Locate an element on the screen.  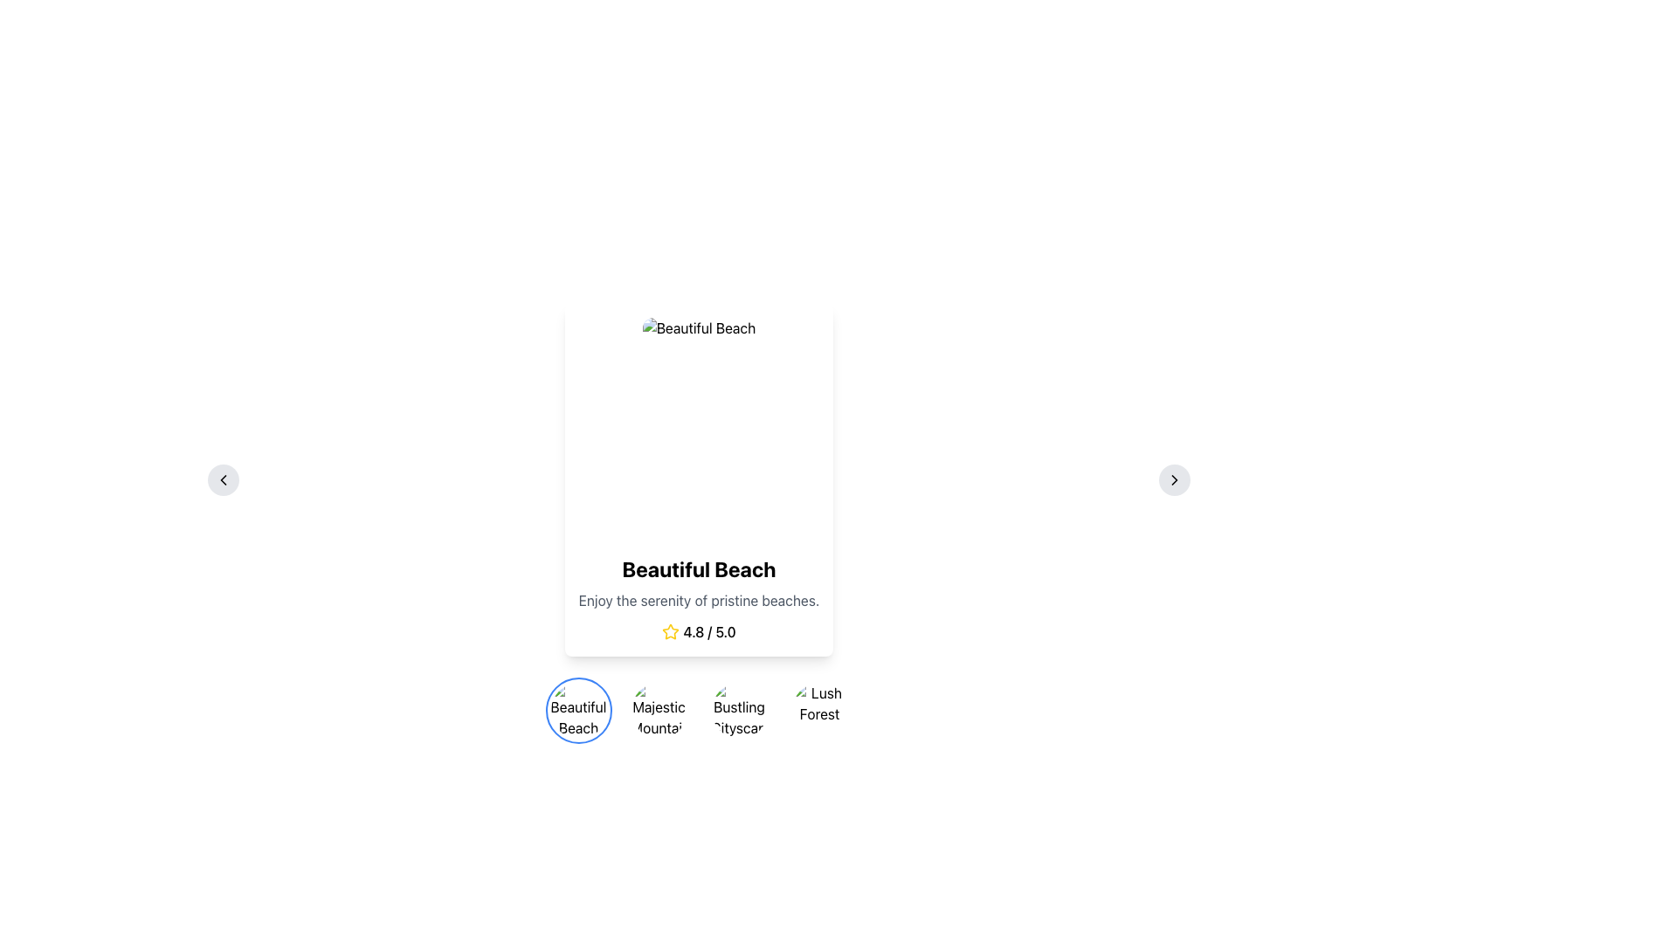
the Chevron Arrow Icon located in the top-left quadrant of the interface is located at coordinates (222, 480).